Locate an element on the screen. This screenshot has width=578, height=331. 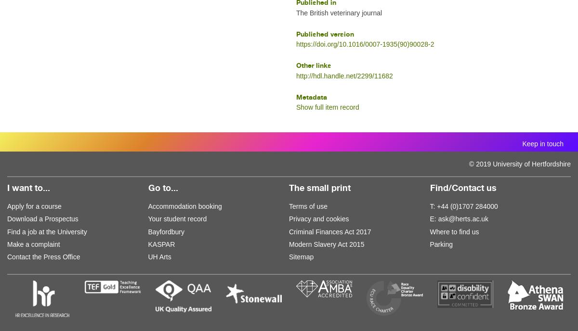
'Apply for a course' is located at coordinates (7, 206).